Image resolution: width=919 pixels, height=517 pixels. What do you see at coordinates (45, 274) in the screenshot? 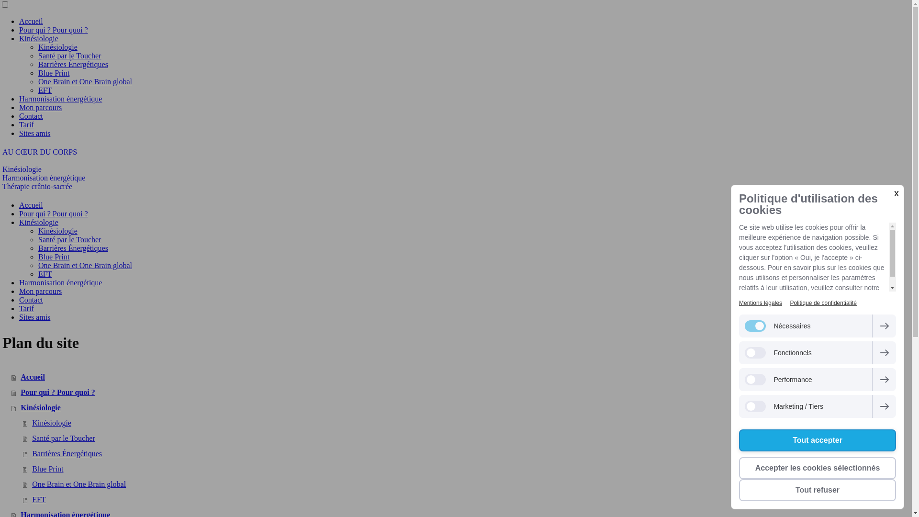
I see `'EFT'` at bounding box center [45, 274].